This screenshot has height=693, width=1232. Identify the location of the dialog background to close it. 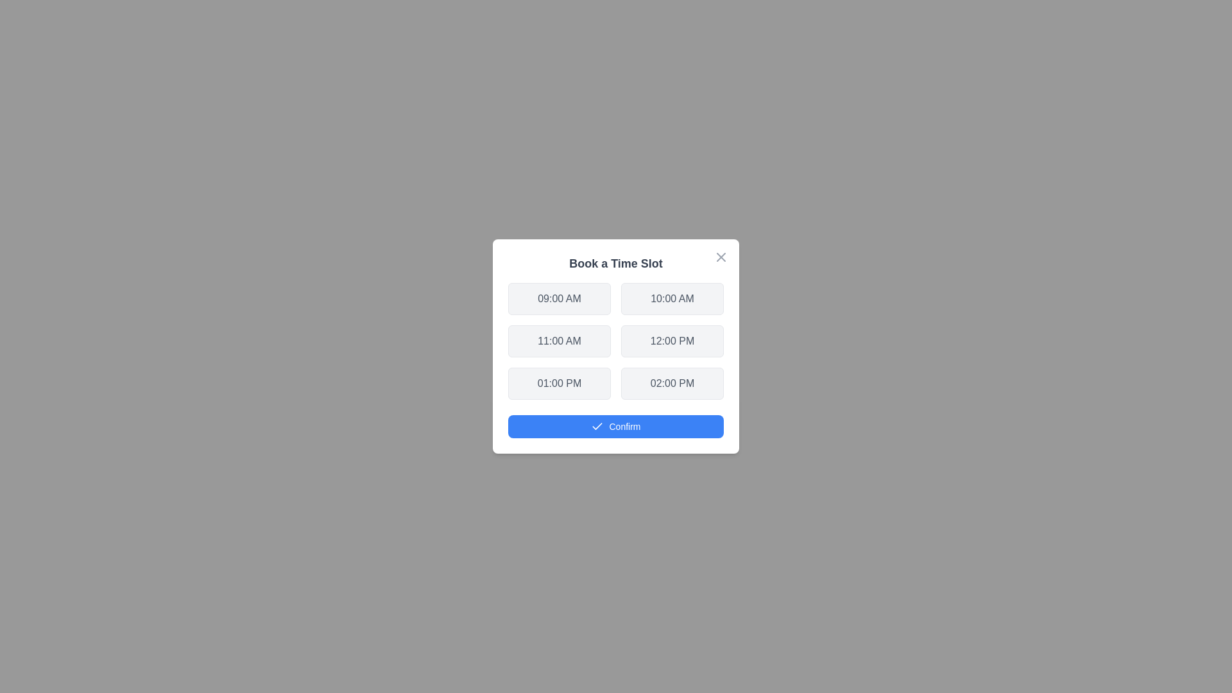
(616, 346).